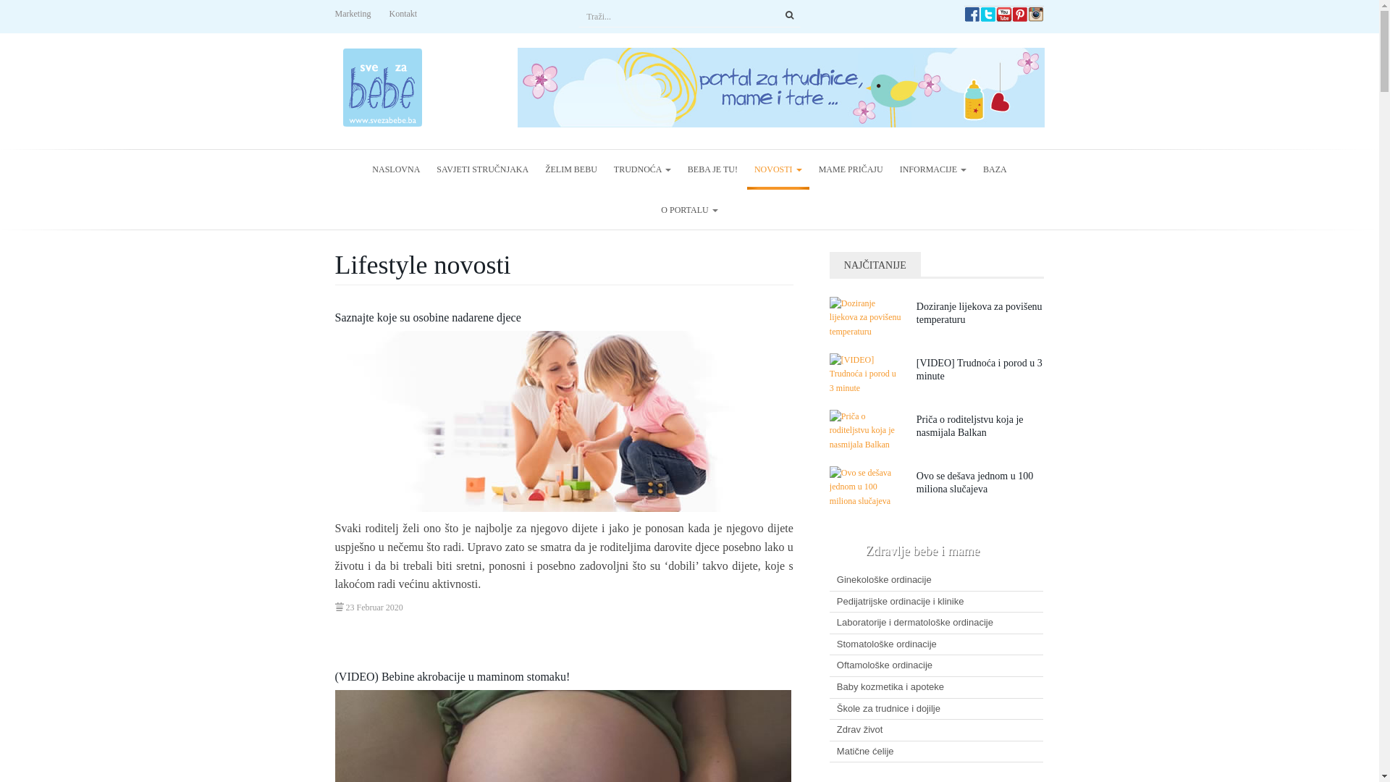 Image resolution: width=1390 pixels, height=782 pixels. I want to click on 'NOVOSTI', so click(778, 169).